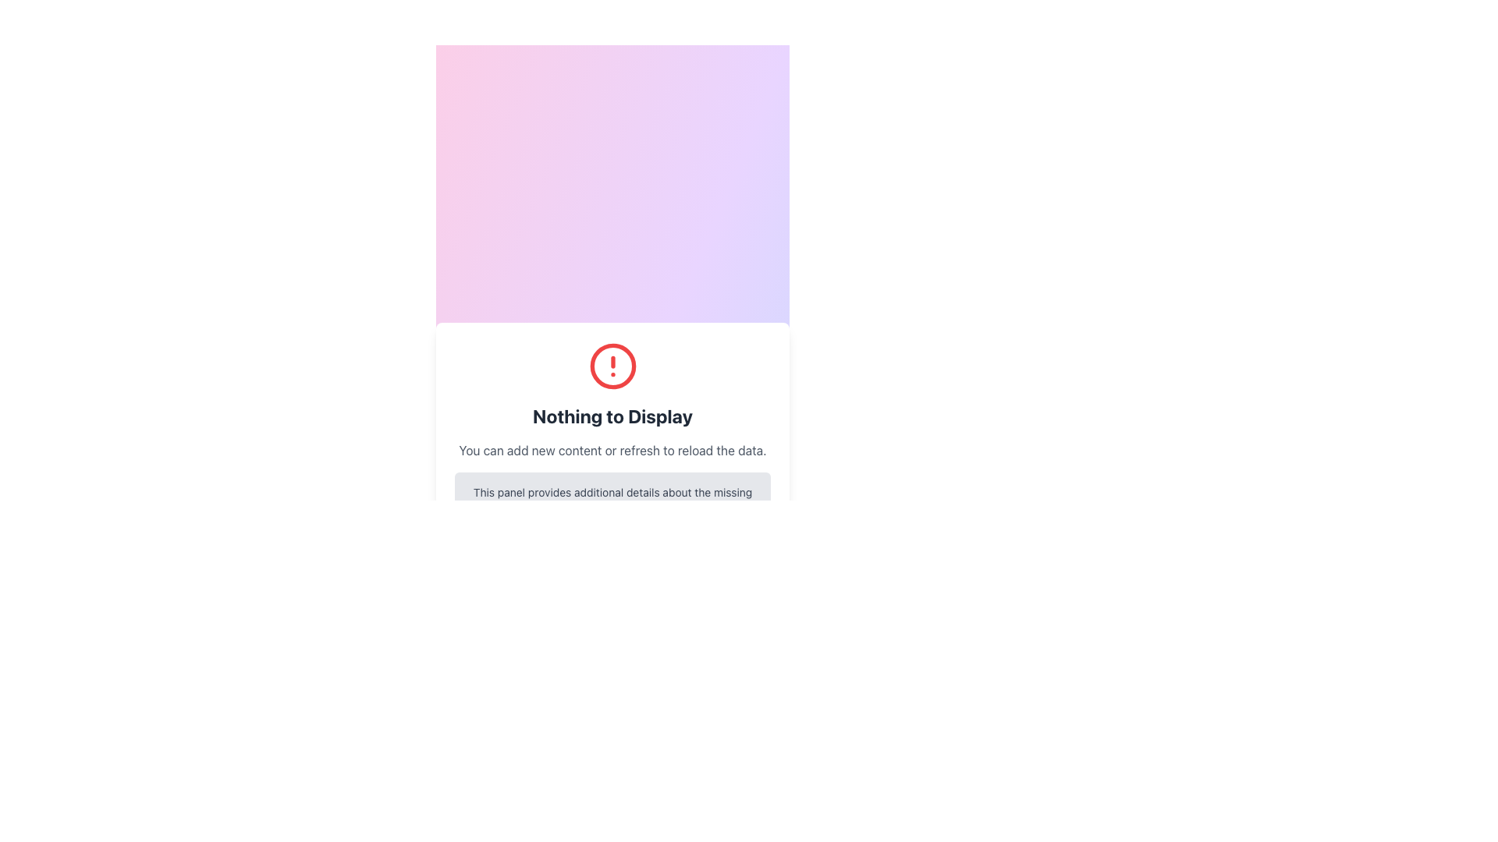  What do you see at coordinates (612, 451) in the screenshot?
I see `displayed message 'You can add new content or refresh to reload the data.' which is styled in subtle gray color and located beneath the heading 'Nothing to Display'` at bounding box center [612, 451].